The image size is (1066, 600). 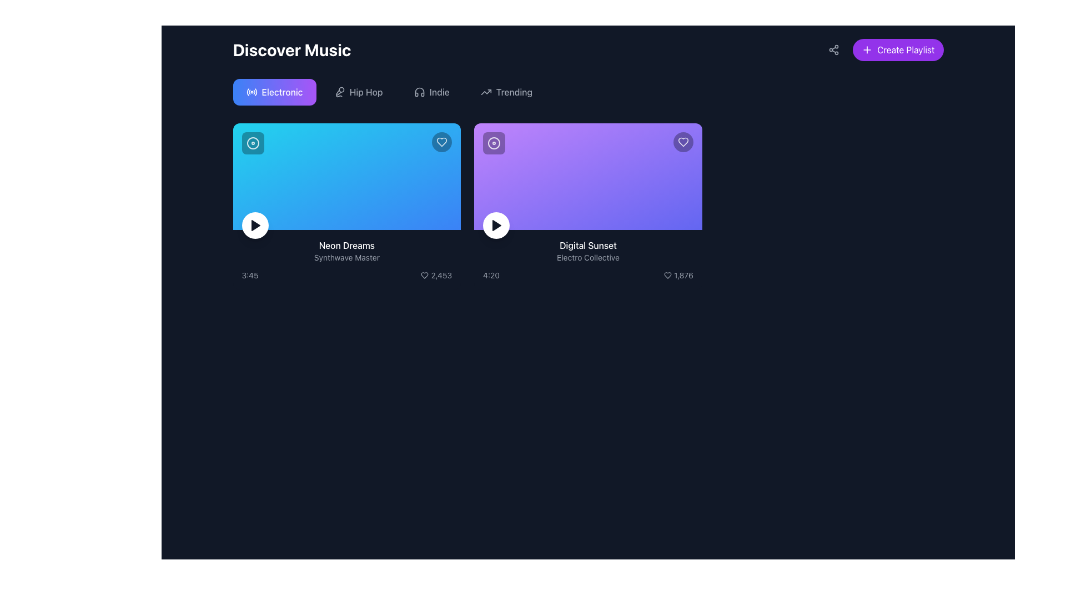 I want to click on the circular SVG graphic icon located in the top-left corner of the purple card representing the song 'Digital Sunset', so click(x=494, y=143).